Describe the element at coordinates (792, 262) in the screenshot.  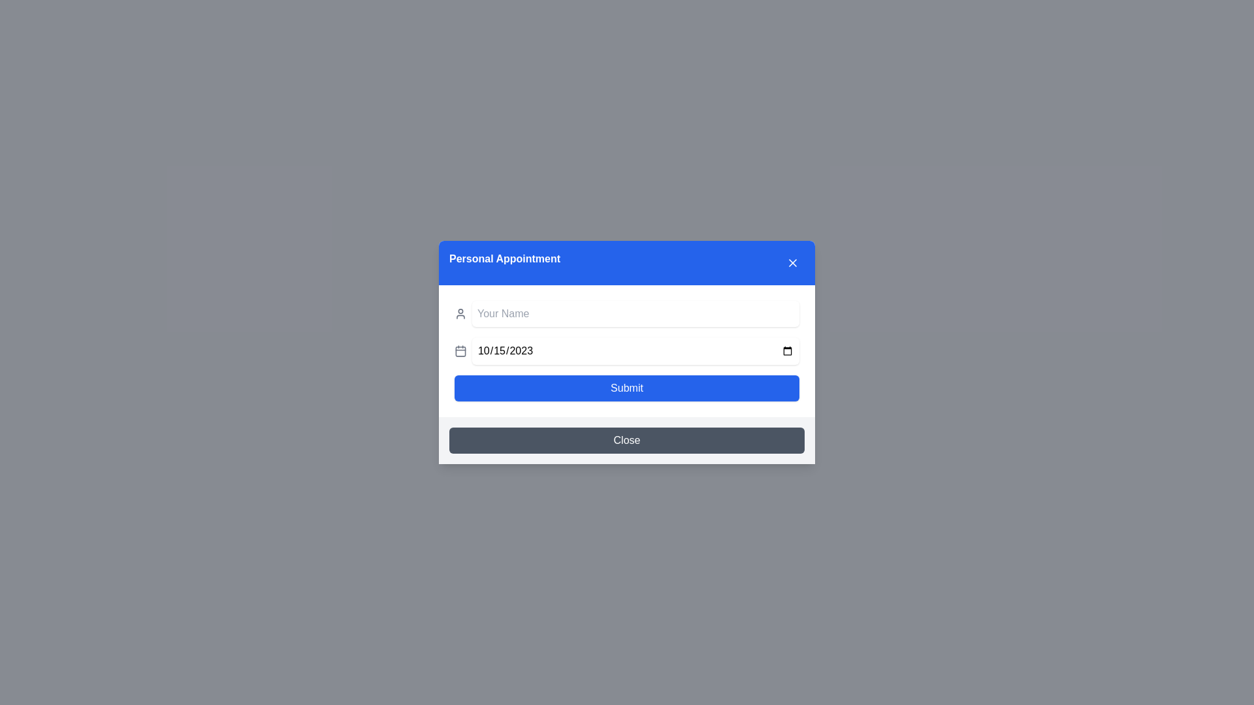
I see `the close button icon located at the top-right corner of the modal dialog box` at that location.